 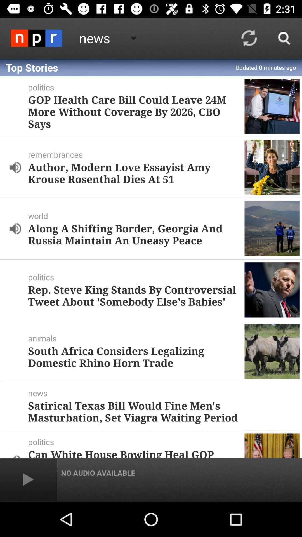 What do you see at coordinates (284, 38) in the screenshot?
I see `the search icon shown at the top right corner of the page` at bounding box center [284, 38].